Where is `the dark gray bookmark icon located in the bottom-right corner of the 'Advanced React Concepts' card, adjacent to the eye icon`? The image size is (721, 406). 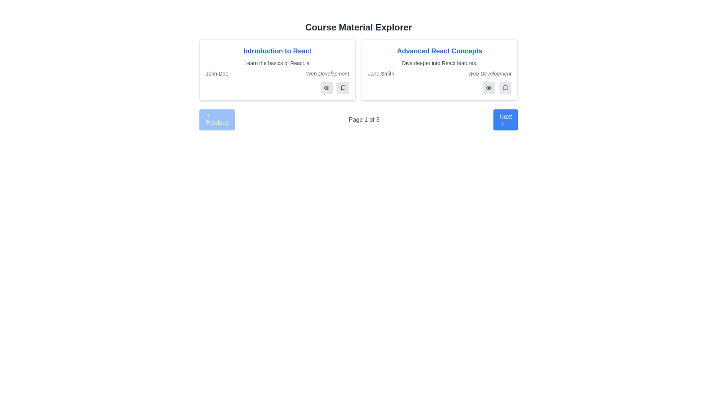
the dark gray bookmark icon located in the bottom-right corner of the 'Advanced React Concepts' card, adjacent to the eye icon is located at coordinates (505, 88).